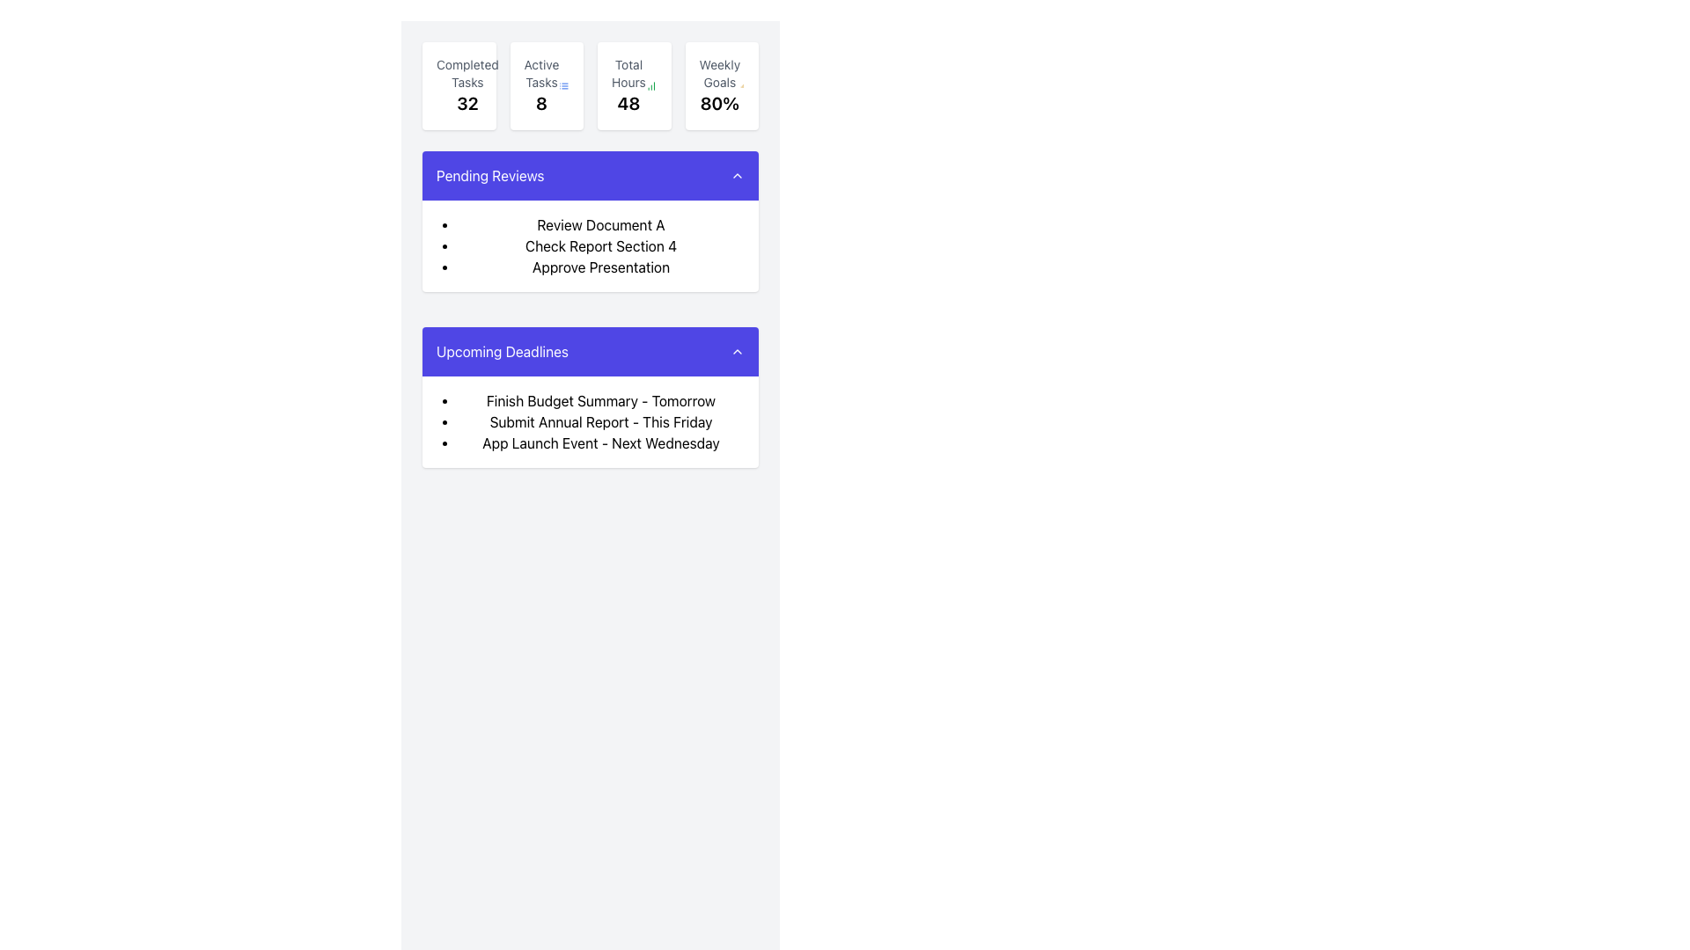  What do you see at coordinates (600, 400) in the screenshot?
I see `the first item in the bullet-point list under the 'Upcoming Deadlines' heading, which displays an itemized task deadline` at bounding box center [600, 400].